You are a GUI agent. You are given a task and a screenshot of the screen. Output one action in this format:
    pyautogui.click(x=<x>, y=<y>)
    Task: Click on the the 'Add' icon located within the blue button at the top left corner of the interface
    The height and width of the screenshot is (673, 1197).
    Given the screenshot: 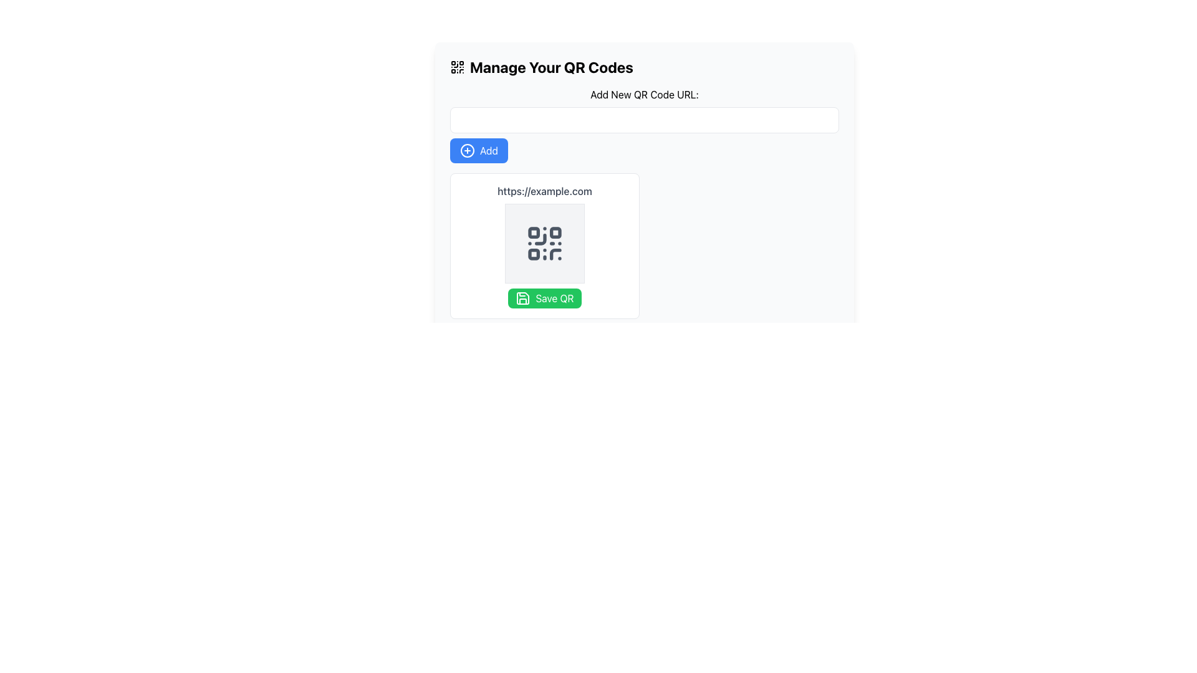 What is the action you would take?
    pyautogui.click(x=466, y=150)
    